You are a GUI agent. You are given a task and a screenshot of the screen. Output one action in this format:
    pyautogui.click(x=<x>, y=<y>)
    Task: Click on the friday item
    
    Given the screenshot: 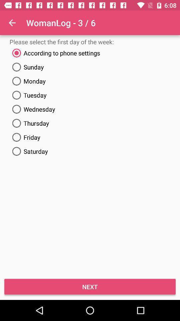 What is the action you would take?
    pyautogui.click(x=90, y=137)
    